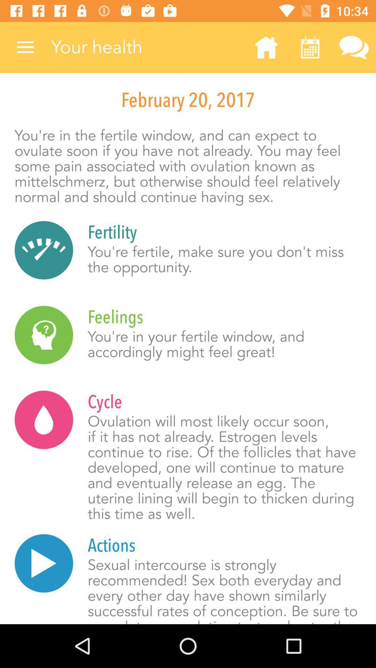 The image size is (376, 668). I want to click on the item above february 20, 2017 icon, so click(310, 47).